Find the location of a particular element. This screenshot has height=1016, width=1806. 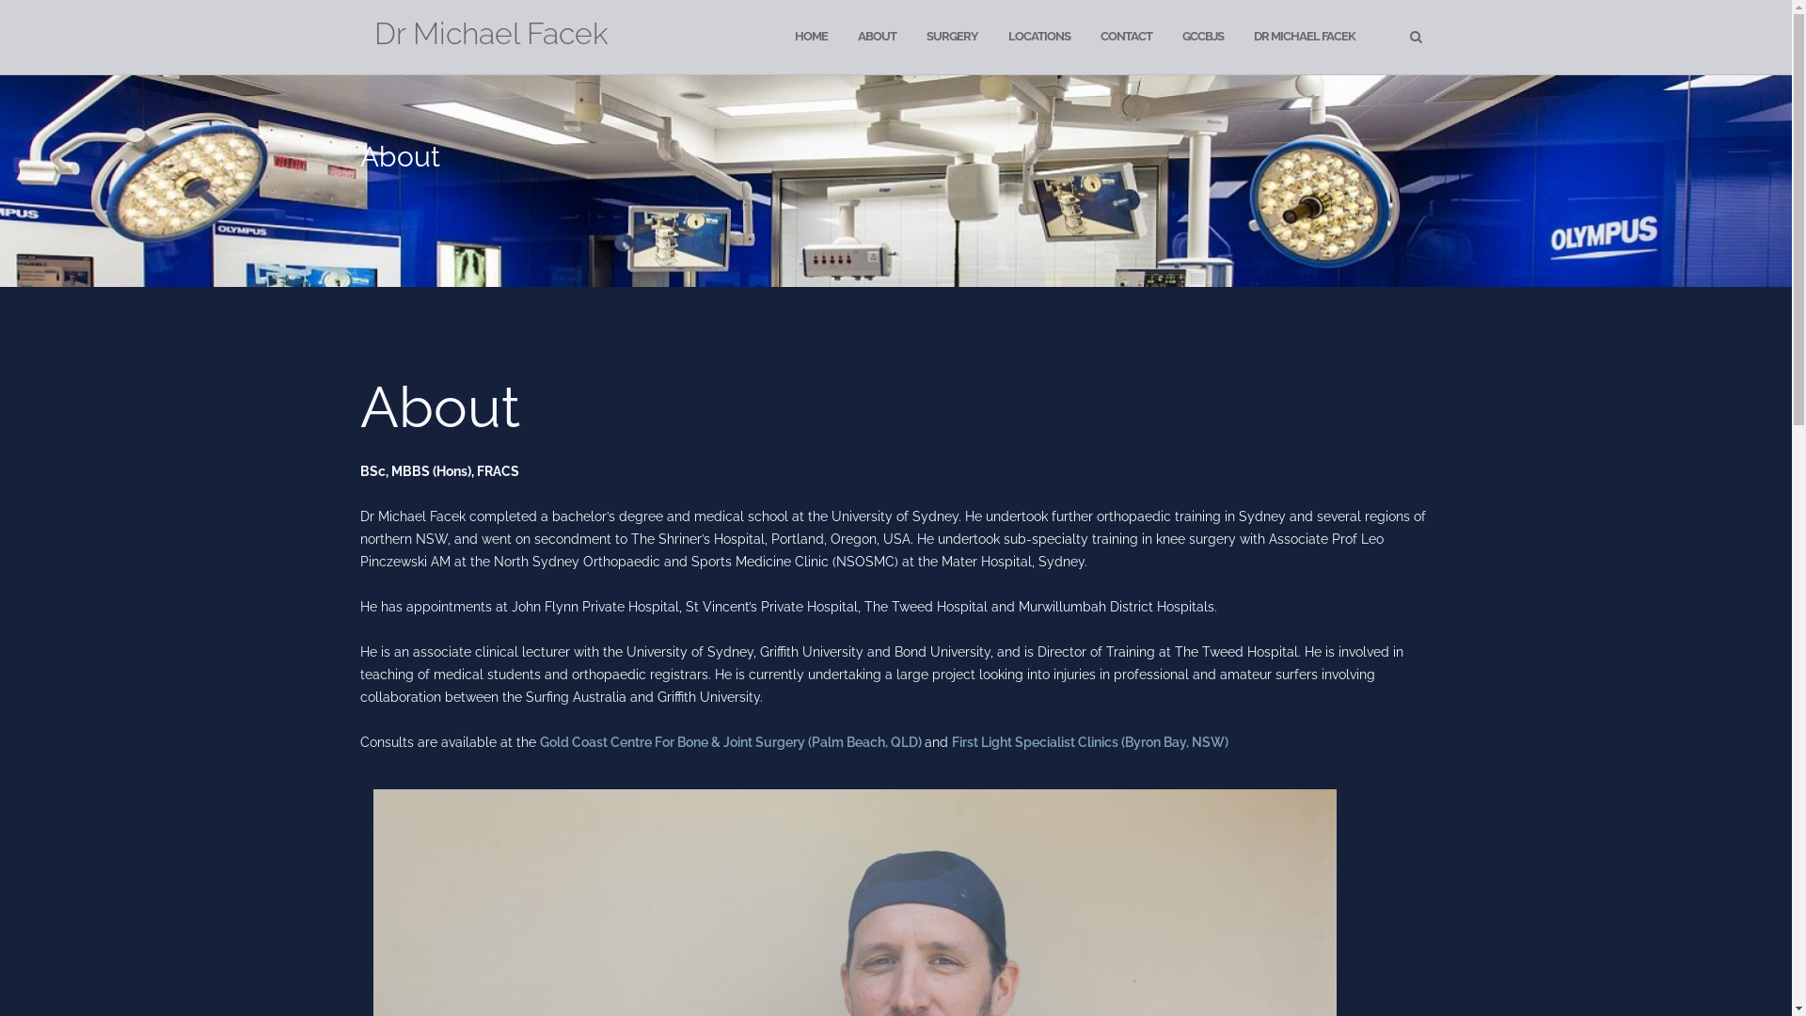

'HOME' is located at coordinates (810, 37).